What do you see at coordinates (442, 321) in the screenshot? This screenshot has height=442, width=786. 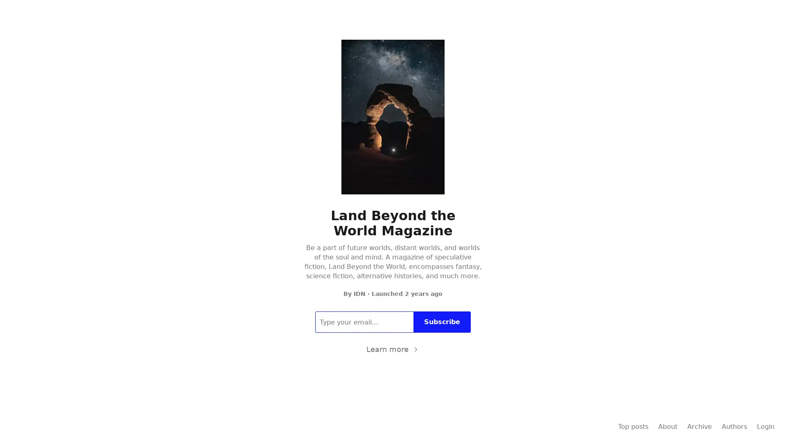 I see `Subscribe` at bounding box center [442, 321].